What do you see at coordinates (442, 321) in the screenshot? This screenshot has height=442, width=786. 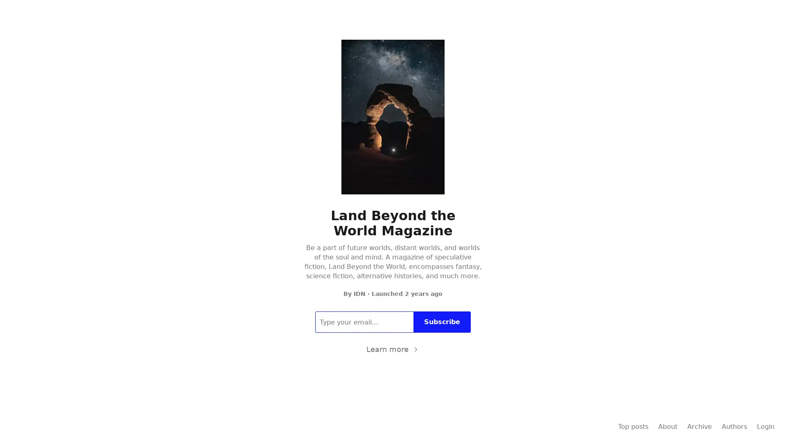 I see `Subscribe` at bounding box center [442, 321].